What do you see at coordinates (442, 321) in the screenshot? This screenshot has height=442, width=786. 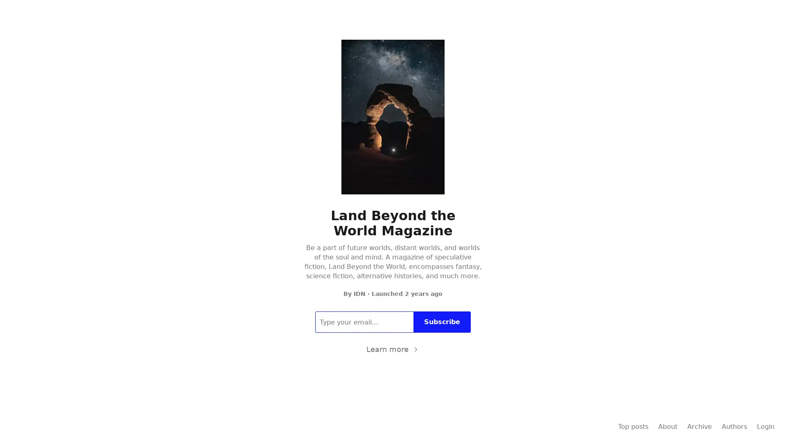 I see `Subscribe` at bounding box center [442, 321].